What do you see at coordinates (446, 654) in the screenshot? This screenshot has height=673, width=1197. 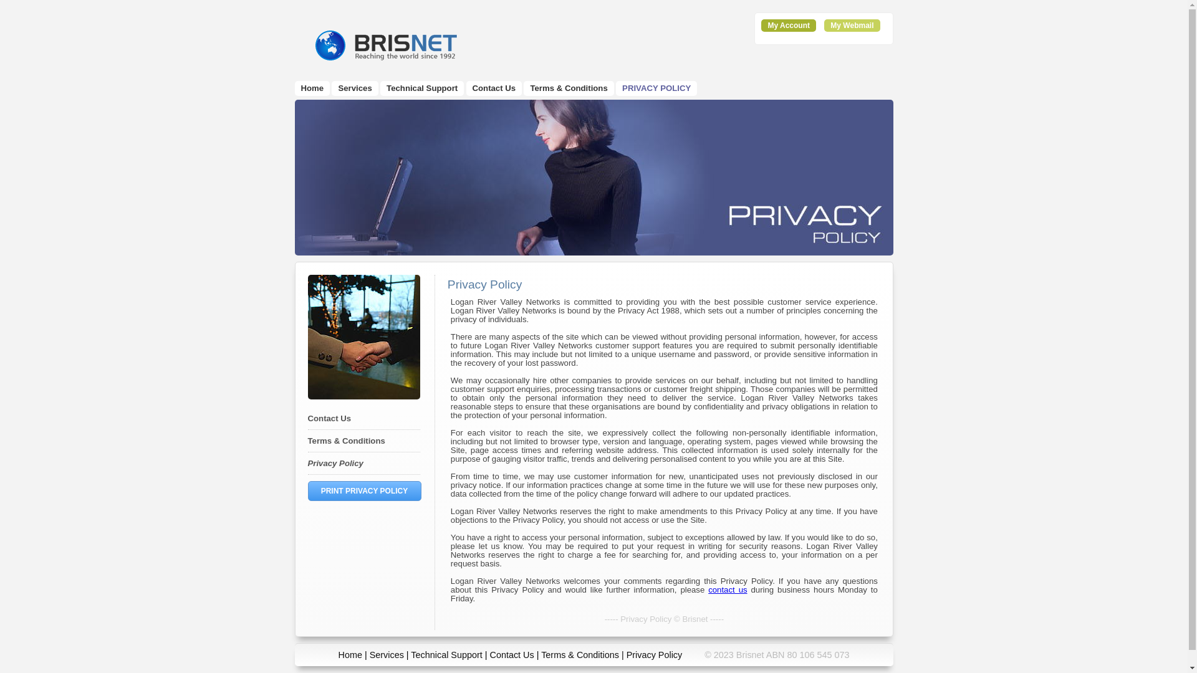 I see `'Technical Support'` at bounding box center [446, 654].